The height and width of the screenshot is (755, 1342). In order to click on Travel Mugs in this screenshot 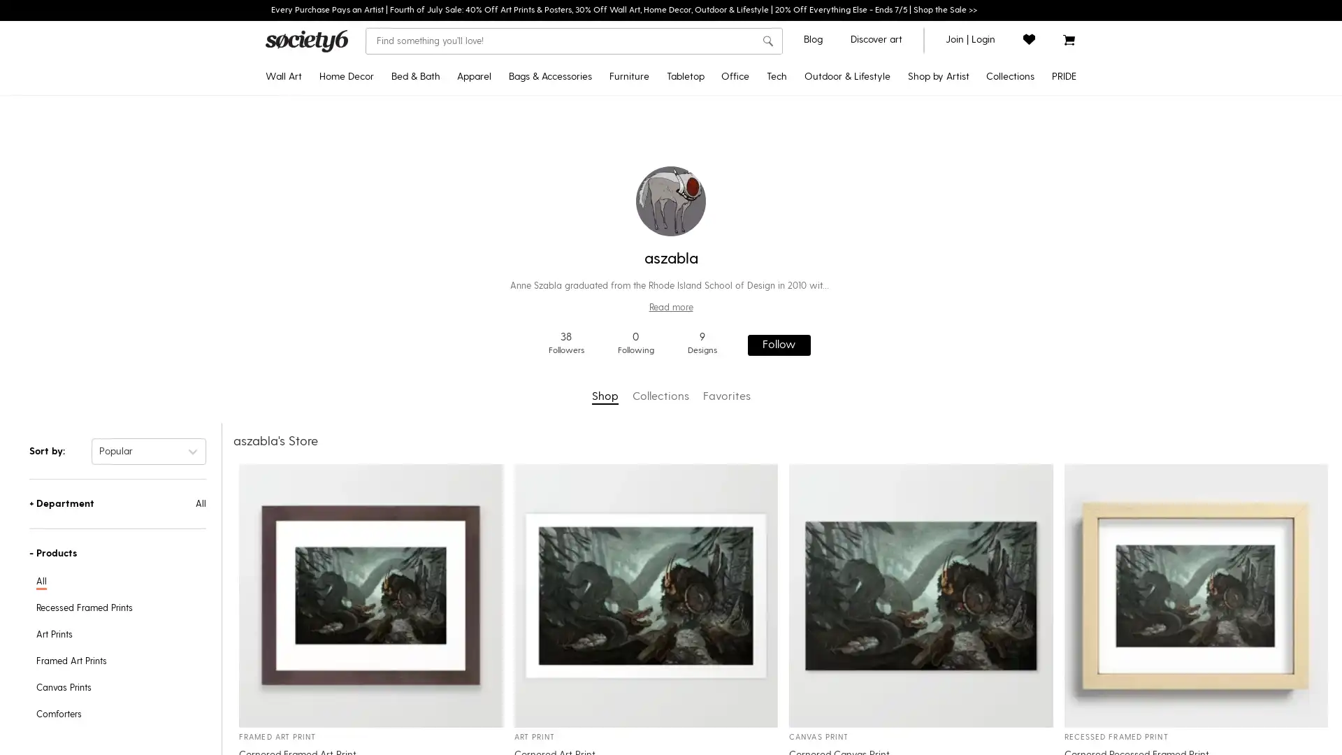, I will do `click(865, 202)`.